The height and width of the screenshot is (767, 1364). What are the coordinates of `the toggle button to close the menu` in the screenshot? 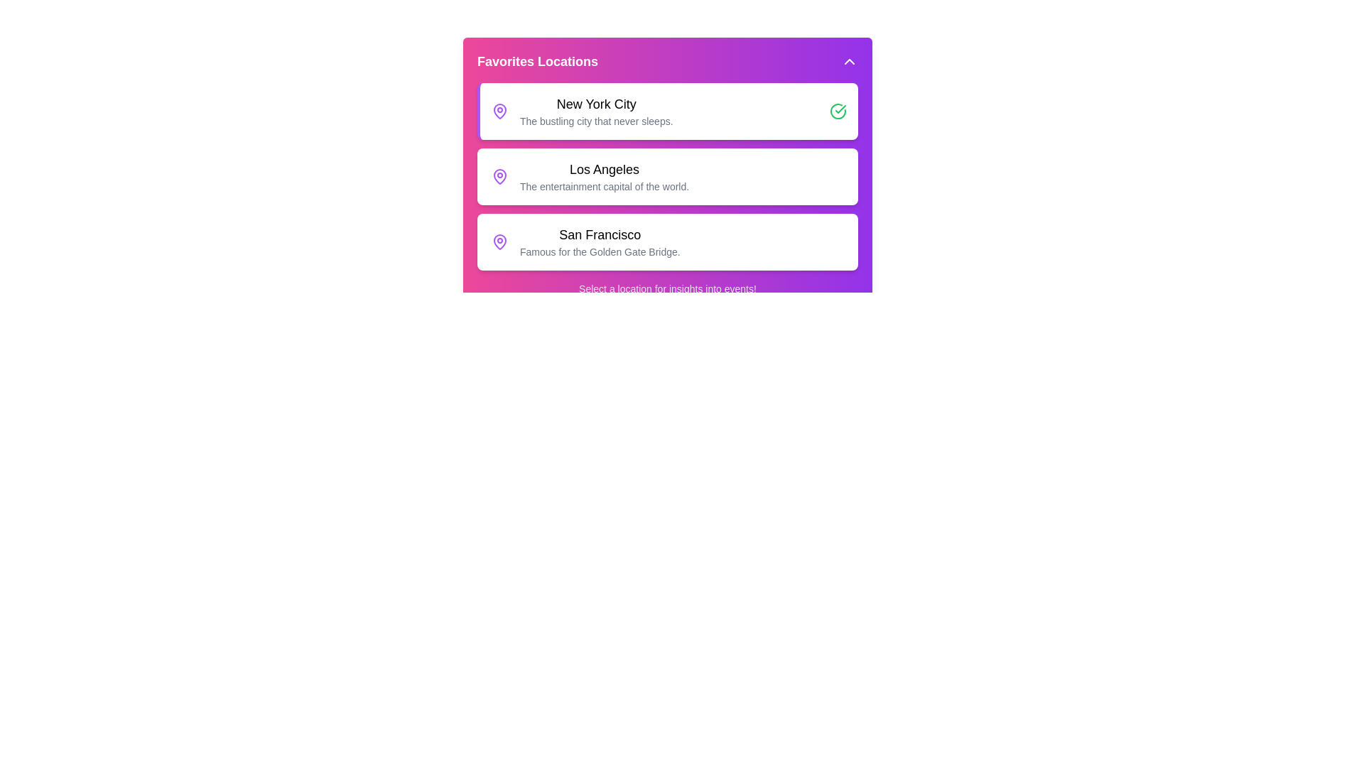 It's located at (849, 61).